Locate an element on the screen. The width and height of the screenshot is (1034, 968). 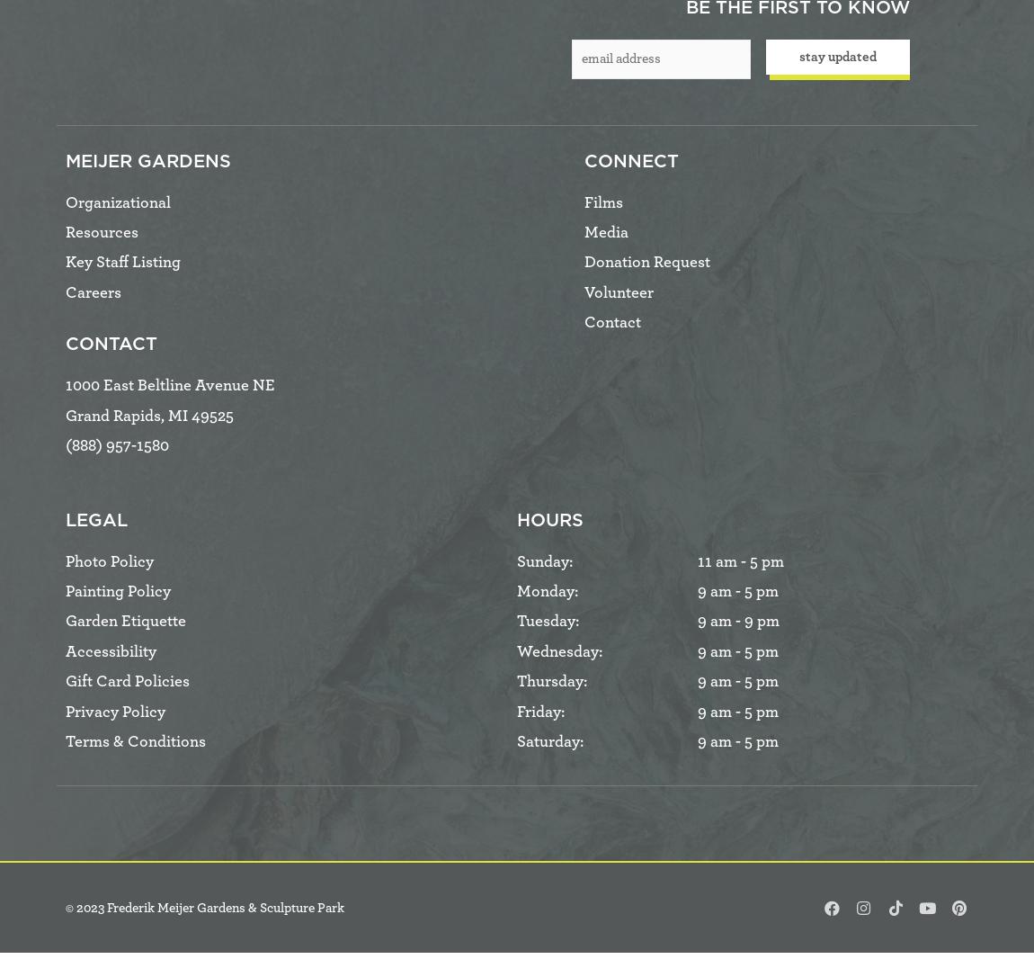
'Meijer Gardens' is located at coordinates (147, 161).